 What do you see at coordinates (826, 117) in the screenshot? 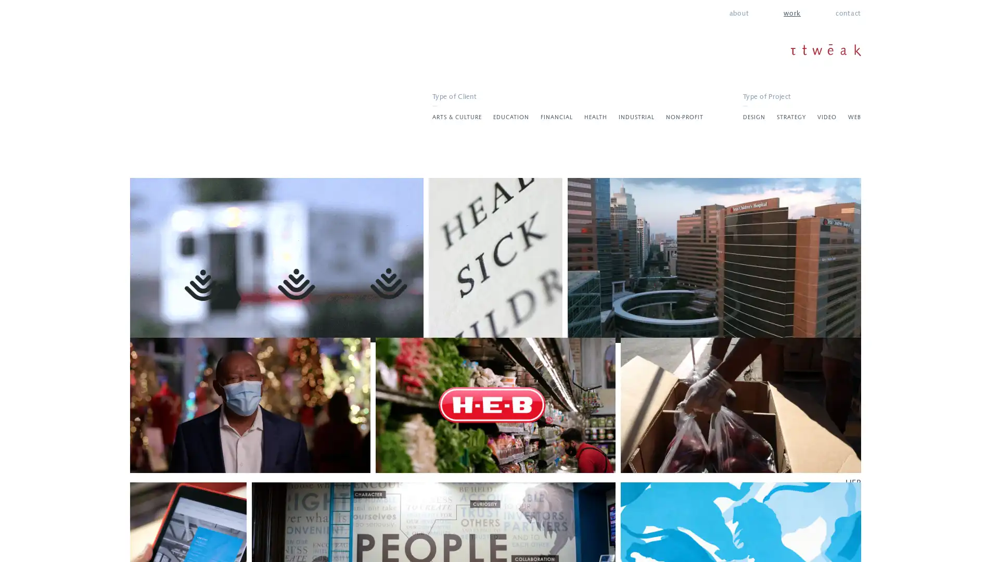
I see `VIDEO` at bounding box center [826, 117].